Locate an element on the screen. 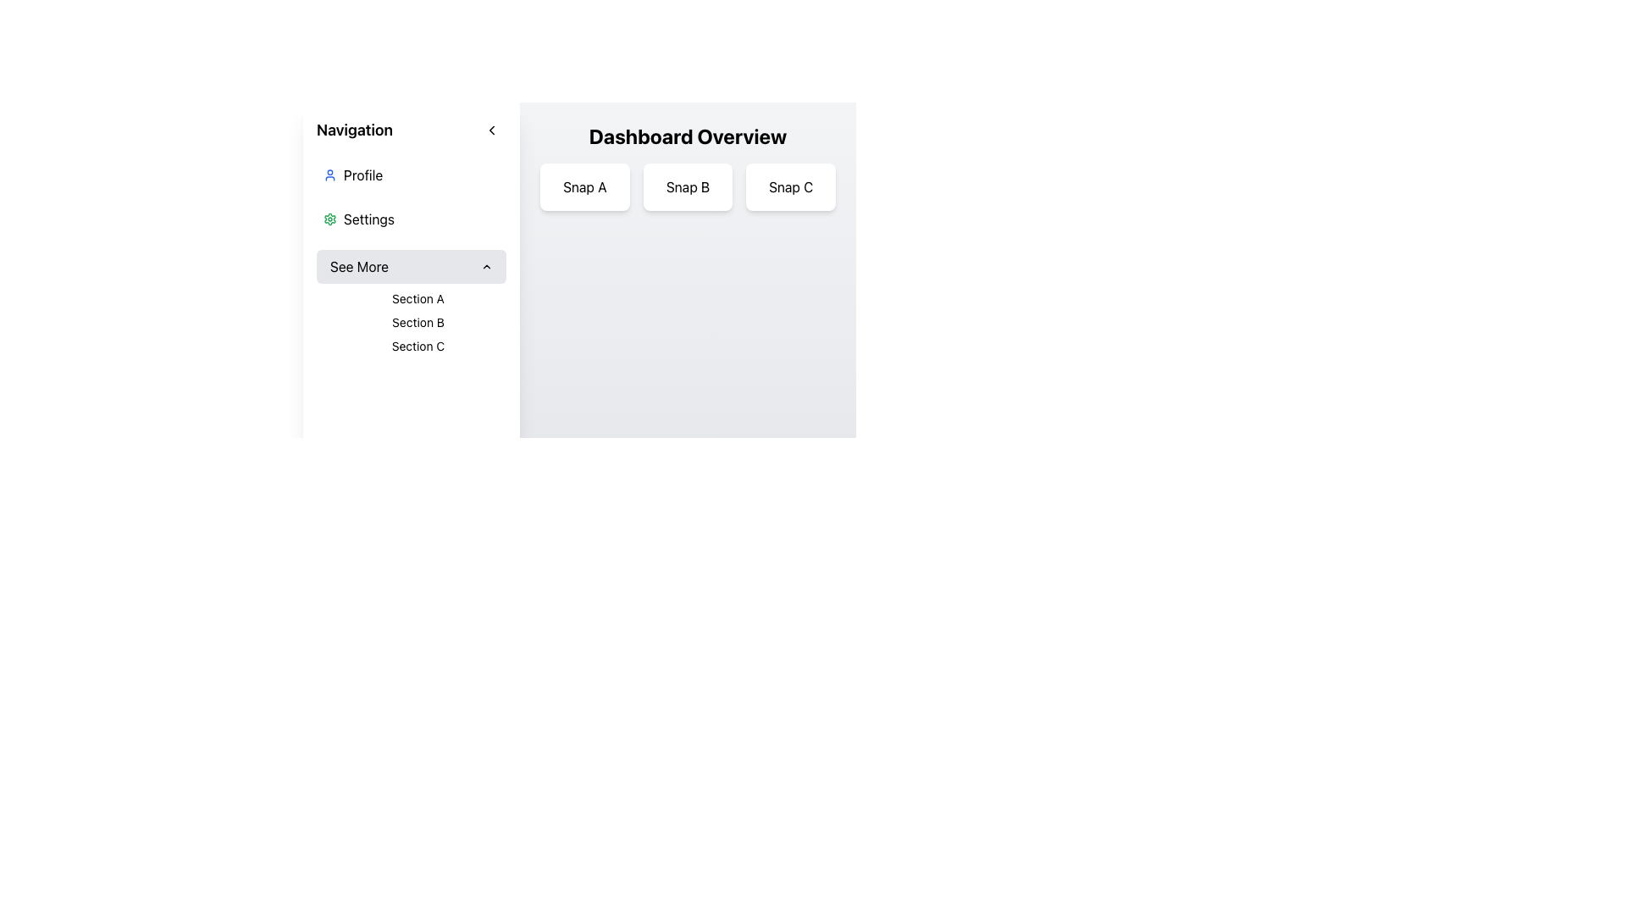  the green gear-shaped icon located in the sidebar near the 'Settings' text, positioned between the 'Profile' icon and the 'See More' expandable menu is located at coordinates (329, 218).